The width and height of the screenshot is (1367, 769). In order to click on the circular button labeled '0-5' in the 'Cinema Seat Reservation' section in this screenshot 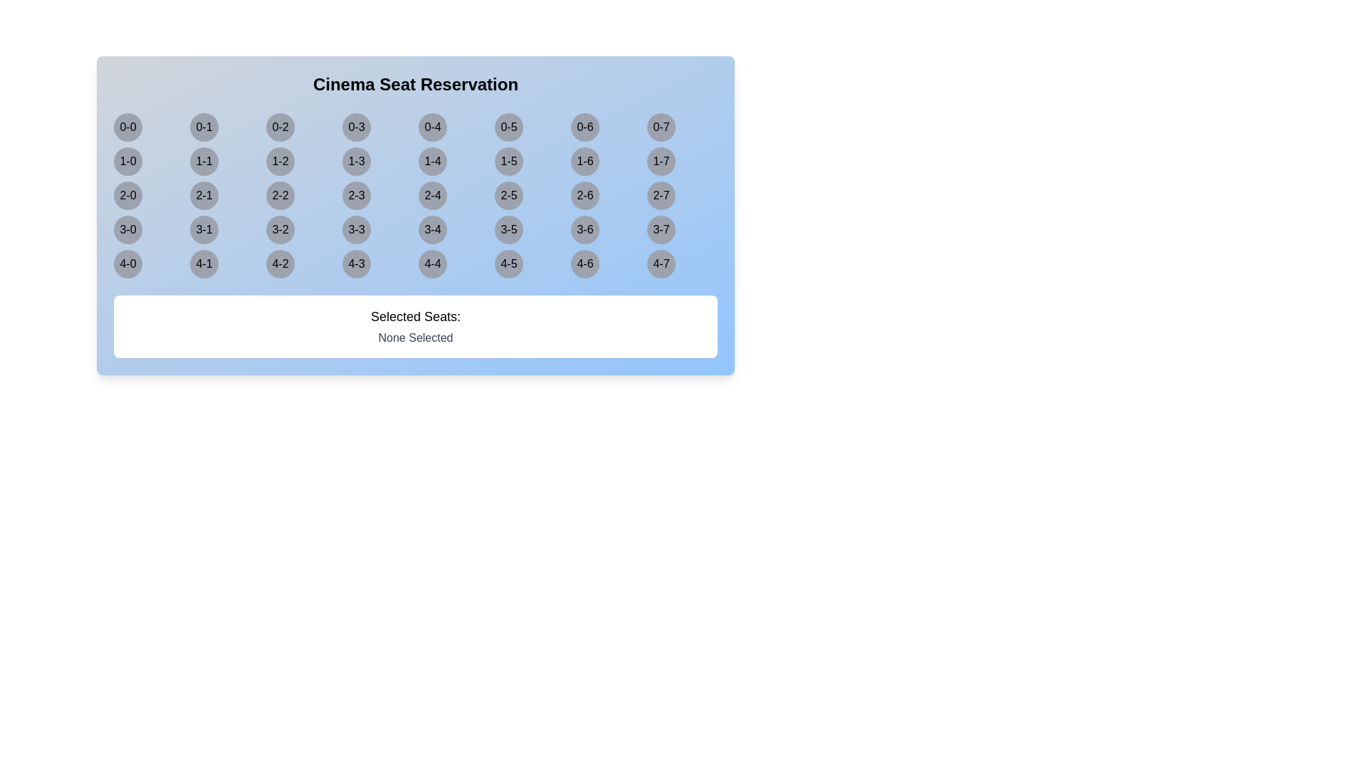, I will do `click(509, 126)`.